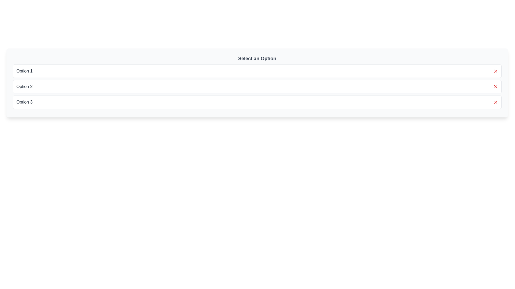  Describe the element at coordinates (495, 86) in the screenshot. I see `the red 'X' icon positioned at the far right of the 'Option 2' row` at that location.